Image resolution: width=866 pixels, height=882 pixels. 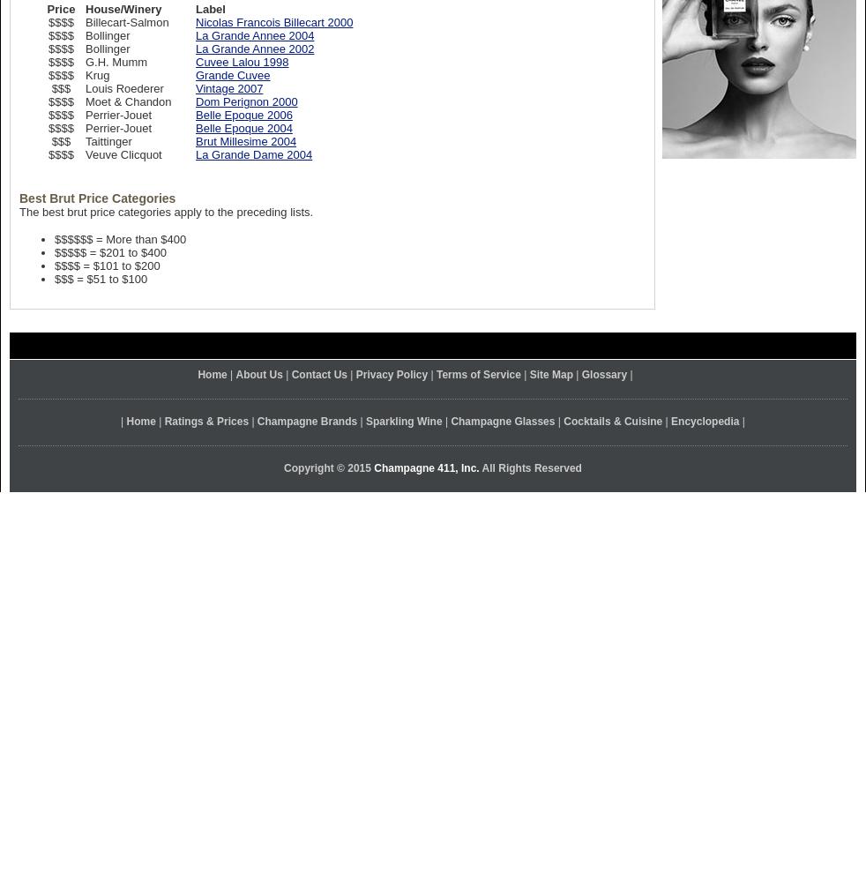 I want to click on 'Encyclopedia', so click(x=705, y=421).